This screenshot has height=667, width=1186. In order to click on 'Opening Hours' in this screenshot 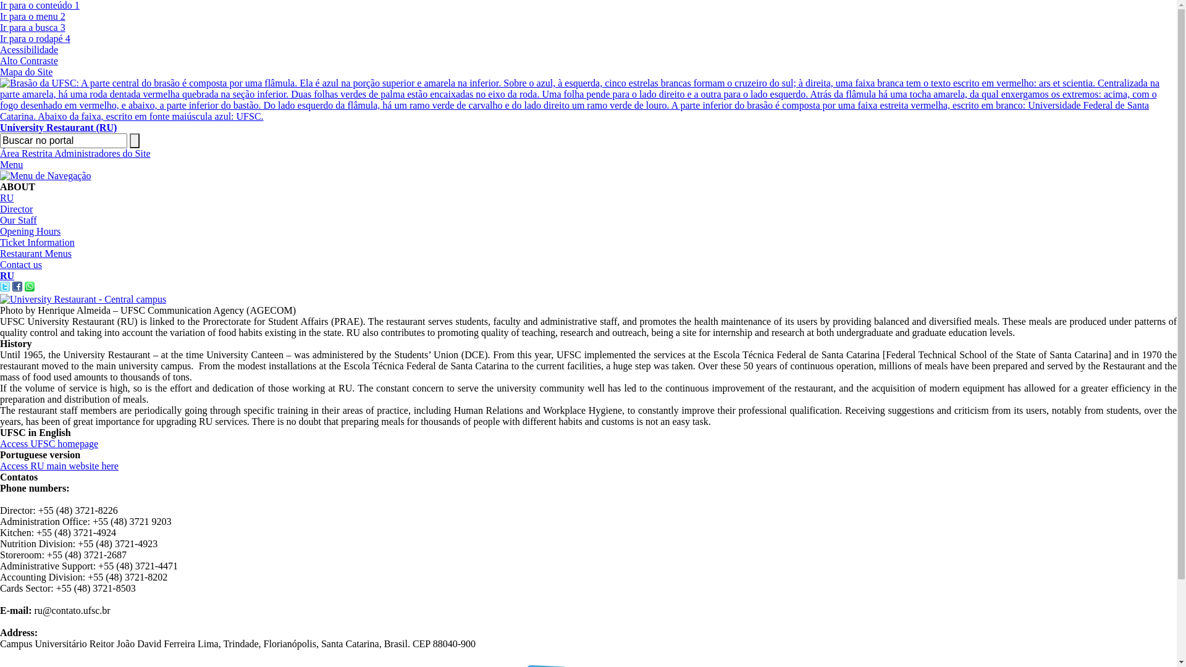, I will do `click(0, 231)`.